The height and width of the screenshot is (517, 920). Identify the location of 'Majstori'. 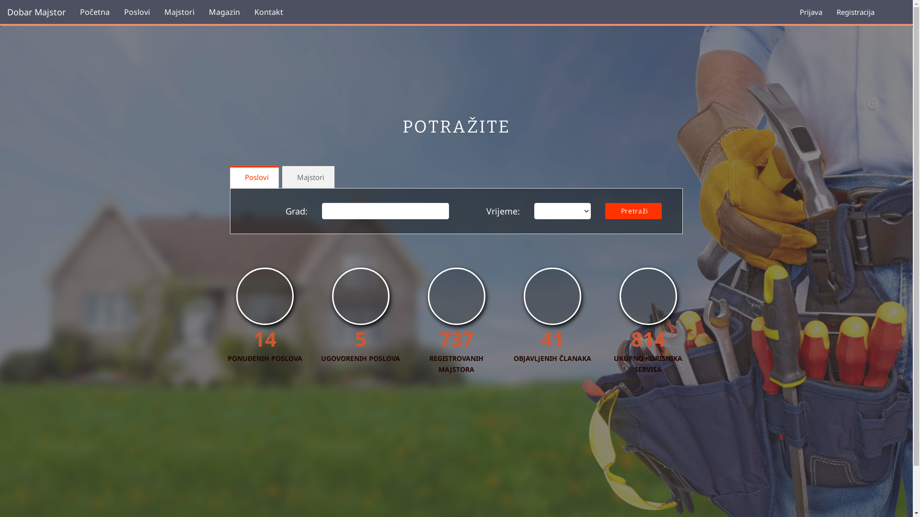
(179, 11).